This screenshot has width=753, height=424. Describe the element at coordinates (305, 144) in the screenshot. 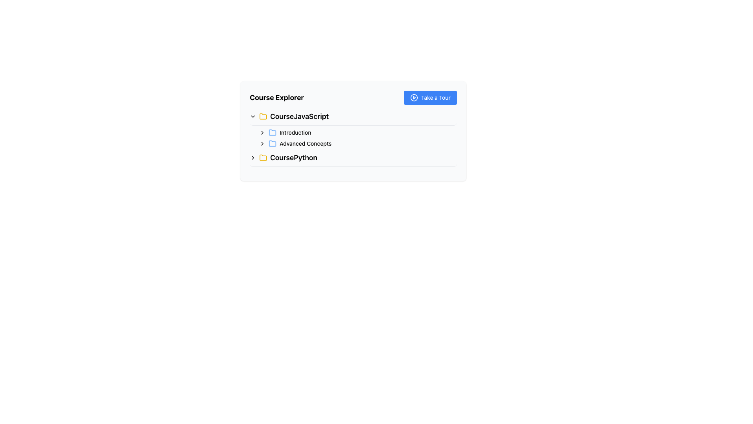

I see `the 'Advanced Concepts' text label element located within the 'Course Explorer' interface under 'CourseJavaScript'` at that location.